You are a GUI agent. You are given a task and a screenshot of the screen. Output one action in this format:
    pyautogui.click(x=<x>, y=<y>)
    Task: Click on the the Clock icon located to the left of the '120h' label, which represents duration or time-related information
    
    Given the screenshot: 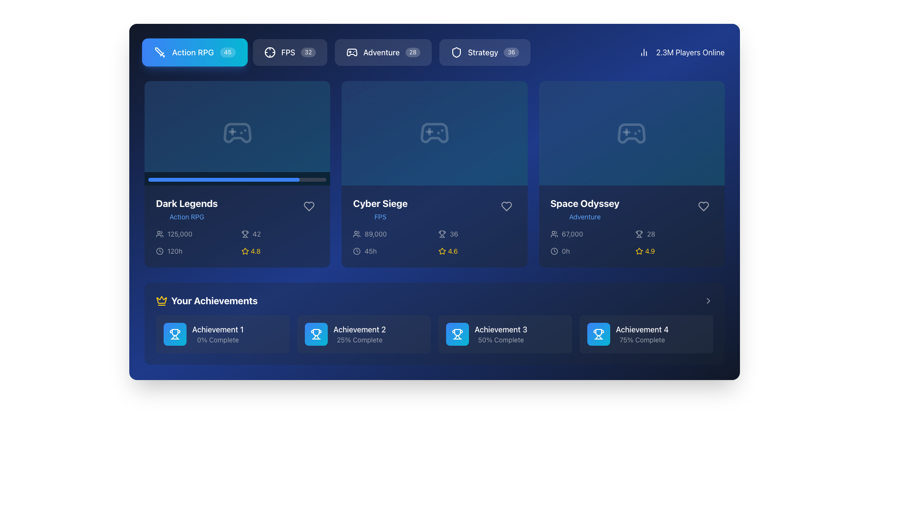 What is the action you would take?
    pyautogui.click(x=160, y=250)
    